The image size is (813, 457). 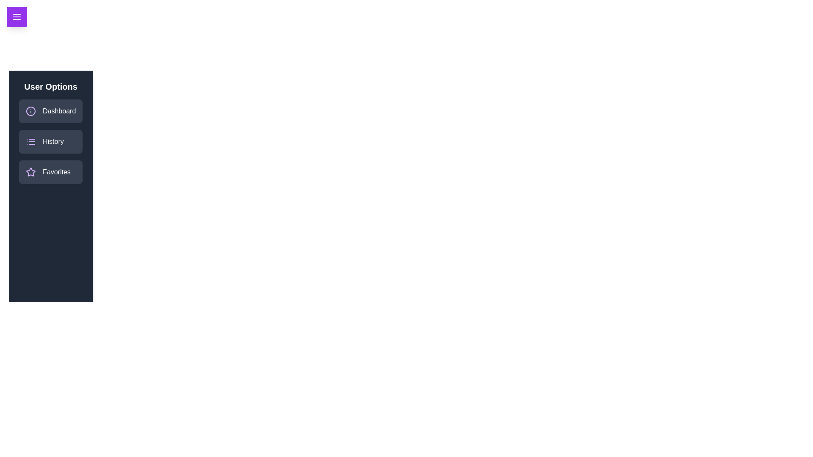 What do you see at coordinates (50, 110) in the screenshot?
I see `the 'Dashboard' menu option` at bounding box center [50, 110].